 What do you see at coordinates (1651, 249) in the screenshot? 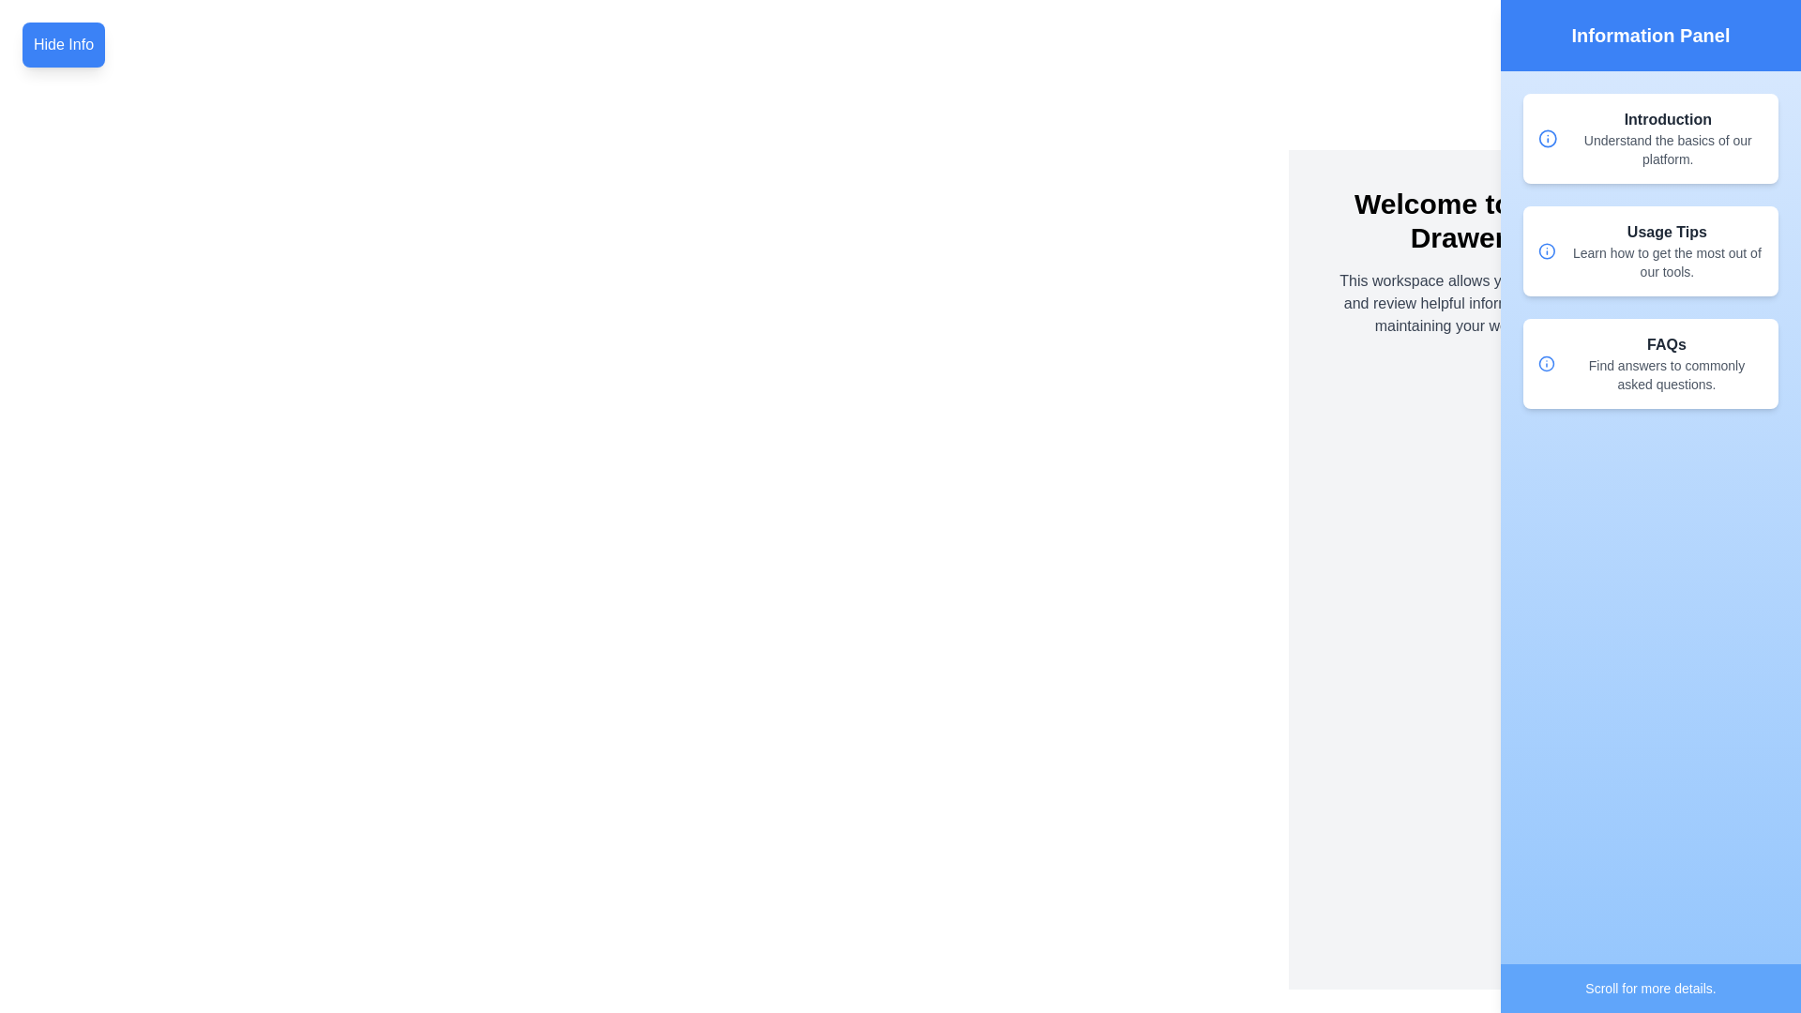
I see `displayed text on the second informational card located in the 'Information Panel' section, positioned below the 'Introduction' card and above the 'FAQs' card` at bounding box center [1651, 249].